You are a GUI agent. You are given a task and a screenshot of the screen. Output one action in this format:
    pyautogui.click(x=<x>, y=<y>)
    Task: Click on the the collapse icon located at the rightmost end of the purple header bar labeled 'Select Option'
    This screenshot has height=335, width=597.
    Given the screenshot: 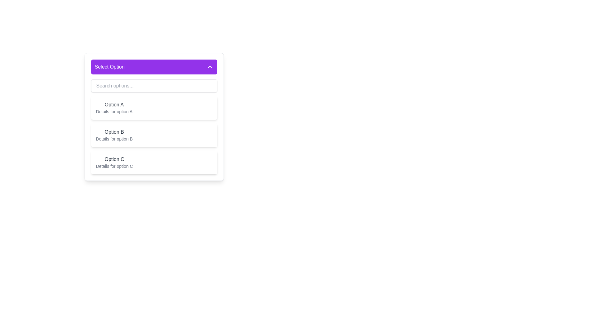 What is the action you would take?
    pyautogui.click(x=210, y=67)
    